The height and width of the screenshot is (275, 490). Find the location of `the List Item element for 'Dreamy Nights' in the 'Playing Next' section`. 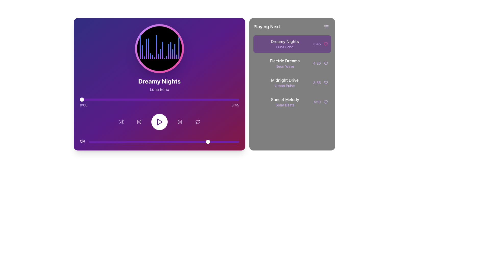

the List Item element for 'Dreamy Nights' in the 'Playing Next' section is located at coordinates (292, 44).